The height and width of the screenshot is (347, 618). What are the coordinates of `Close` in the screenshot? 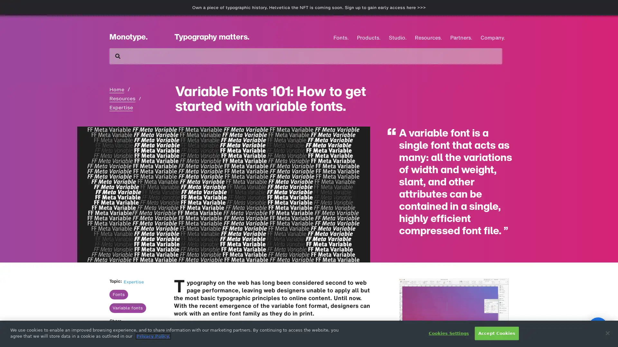 It's located at (607, 333).